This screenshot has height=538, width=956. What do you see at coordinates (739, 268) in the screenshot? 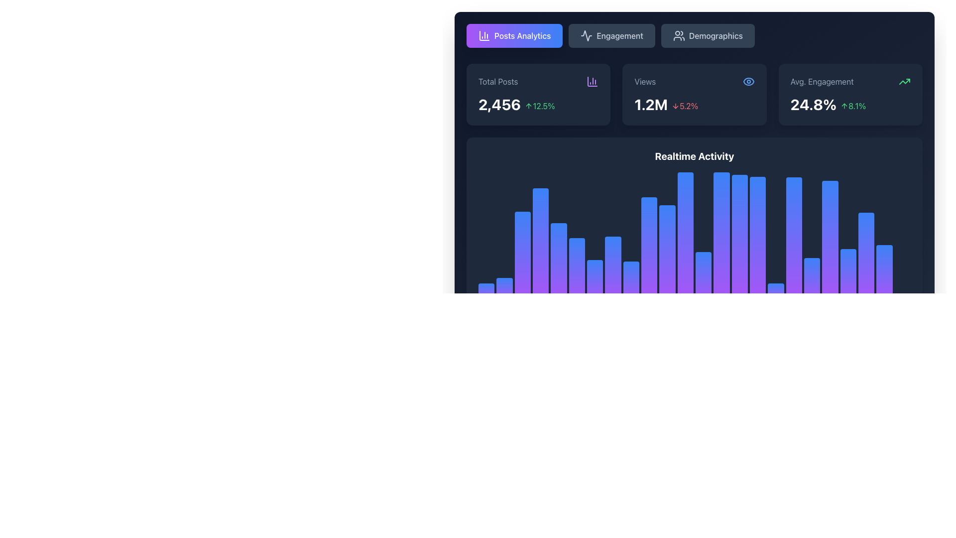
I see `the 15th bar in the 'Realtime Activity' section of the dashboard` at bounding box center [739, 268].